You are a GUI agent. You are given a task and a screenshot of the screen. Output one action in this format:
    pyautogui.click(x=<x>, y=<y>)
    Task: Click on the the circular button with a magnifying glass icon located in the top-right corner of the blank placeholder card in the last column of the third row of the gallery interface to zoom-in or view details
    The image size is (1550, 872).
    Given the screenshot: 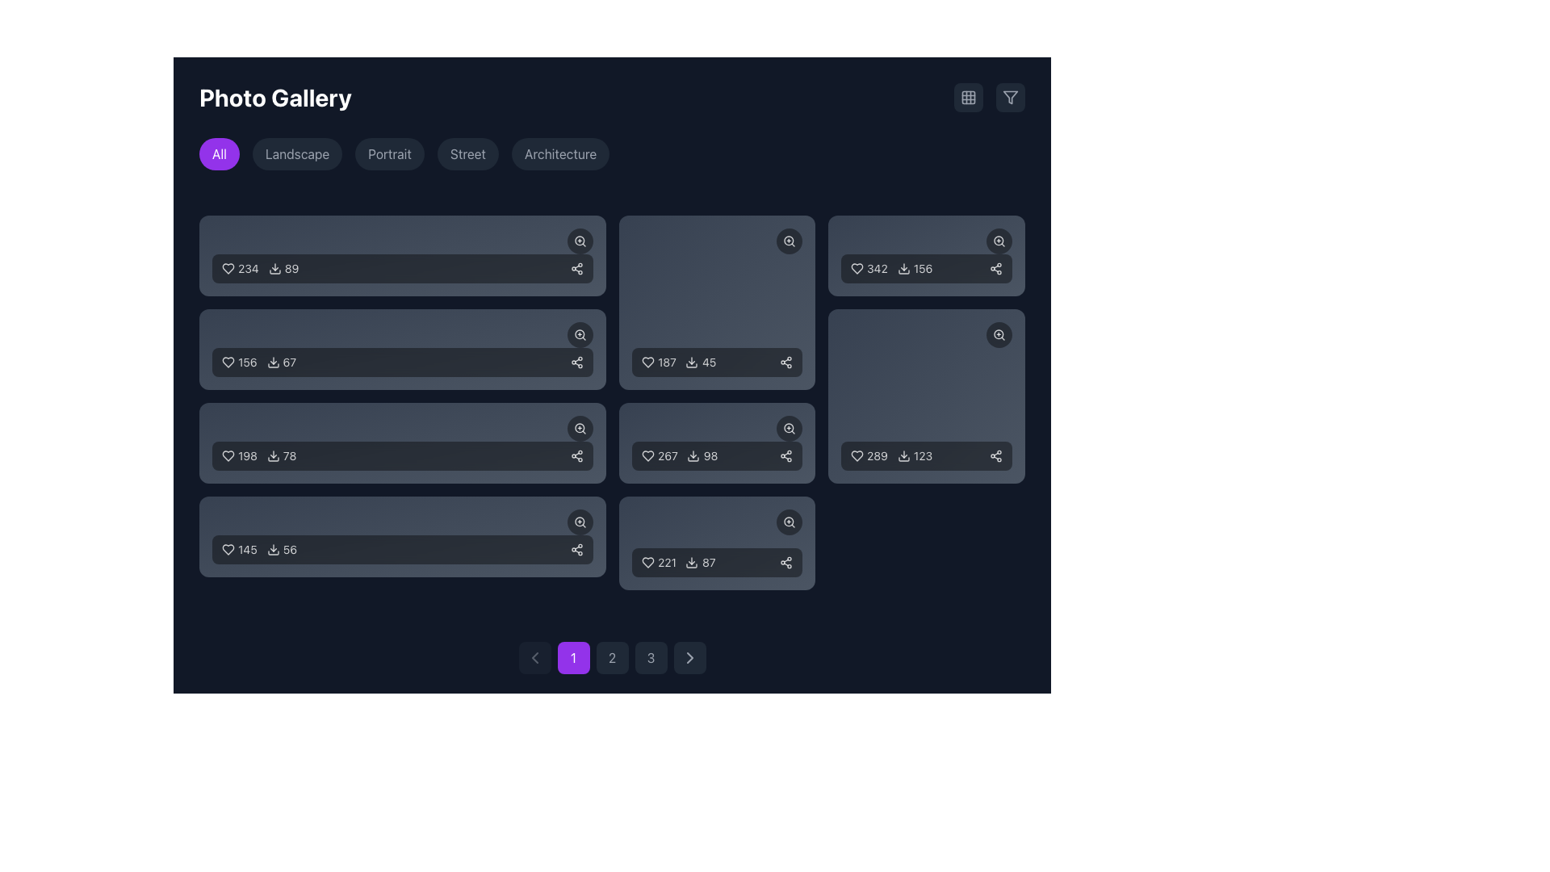 What is the action you would take?
    pyautogui.click(x=999, y=334)
    